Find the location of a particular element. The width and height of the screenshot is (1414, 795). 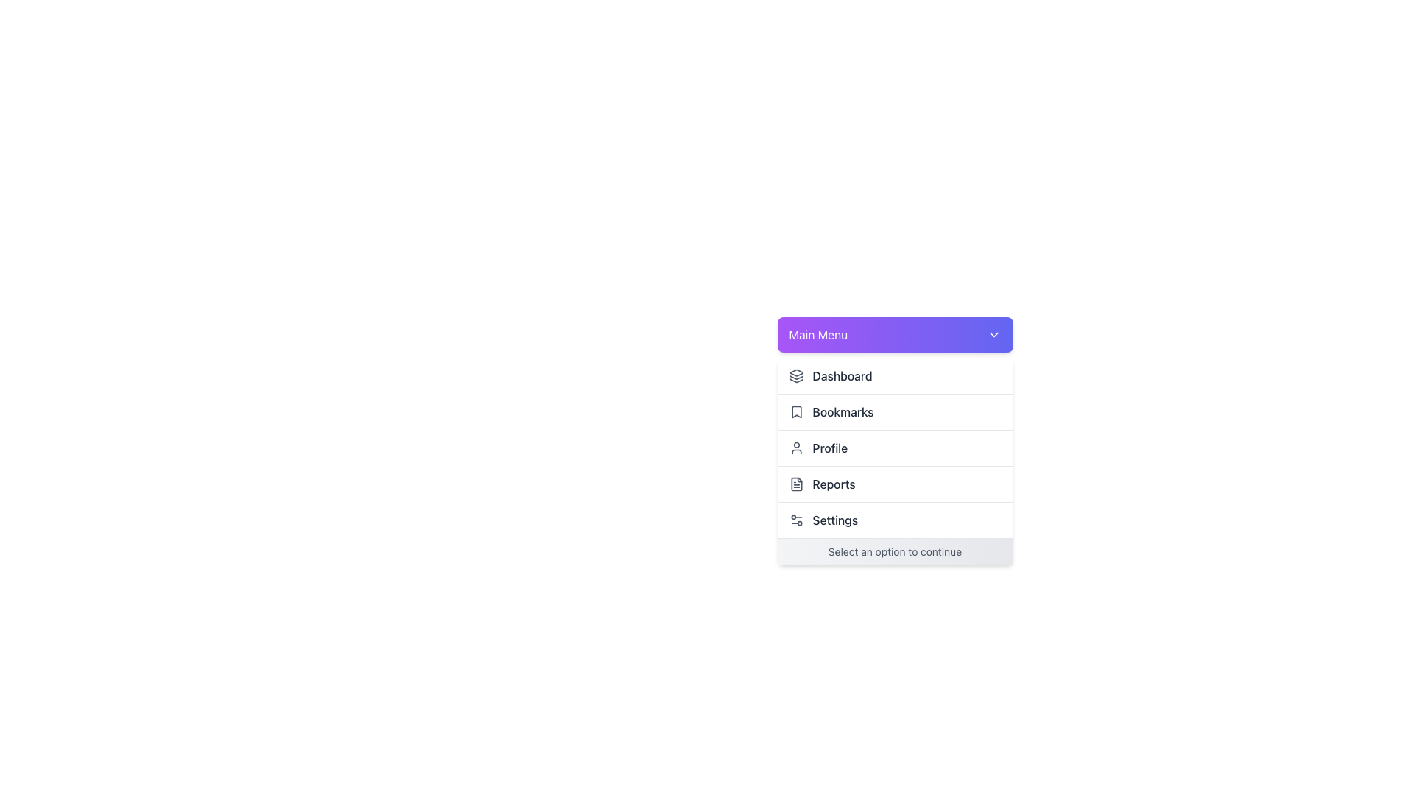

the bookmarks submenu item in the navigation menu, which is positioned under the 'Dashboard' item and above the 'Profile' item is located at coordinates (843, 411).